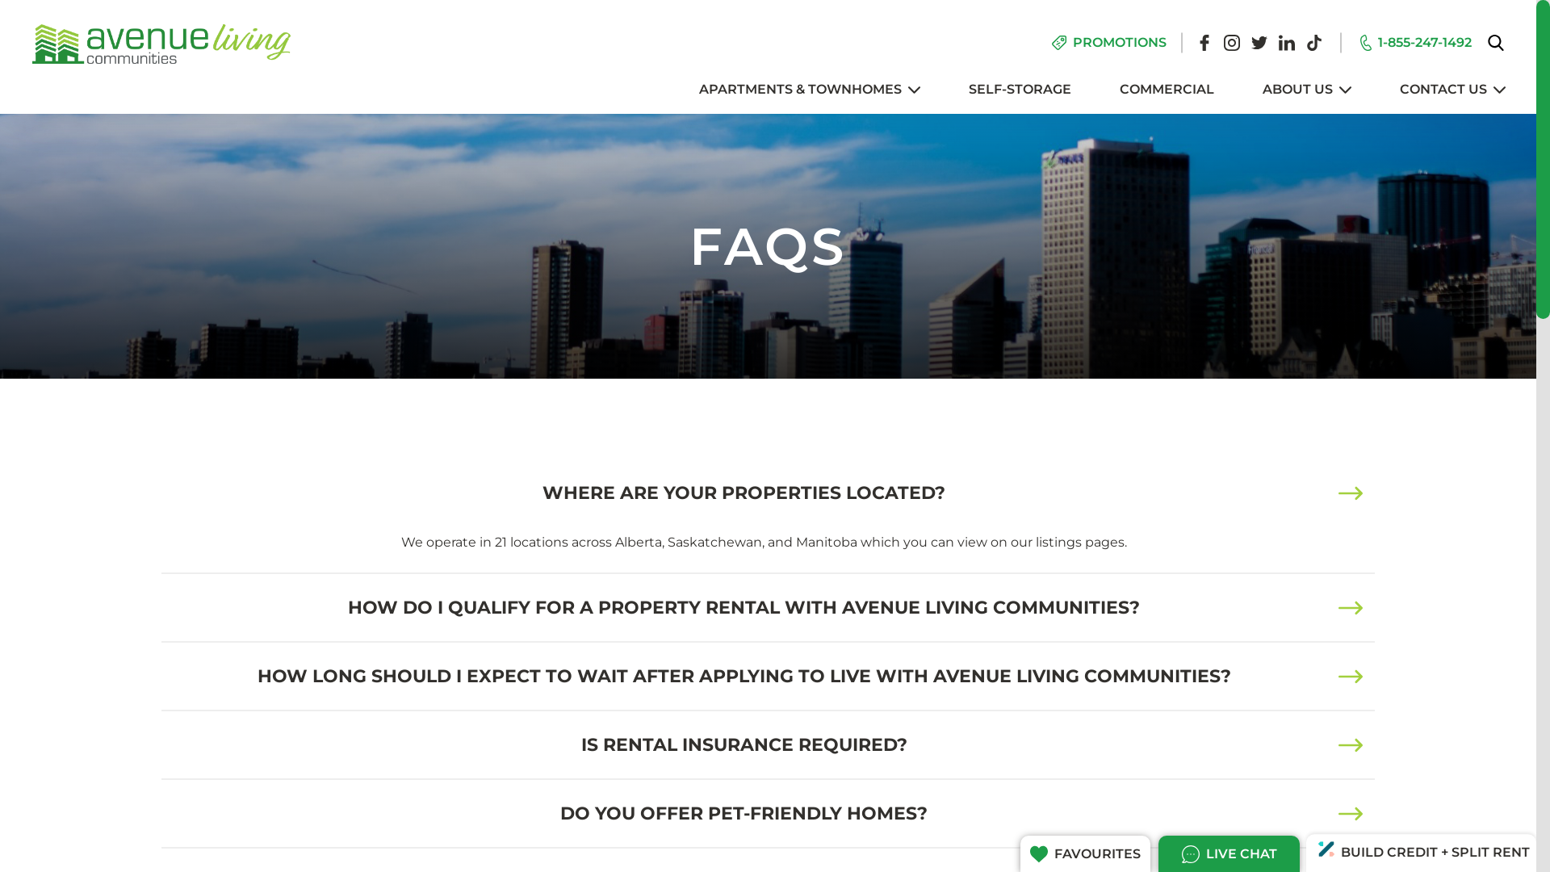 This screenshot has height=872, width=1550. What do you see at coordinates (1306, 90) in the screenshot?
I see `'ABOUT US'` at bounding box center [1306, 90].